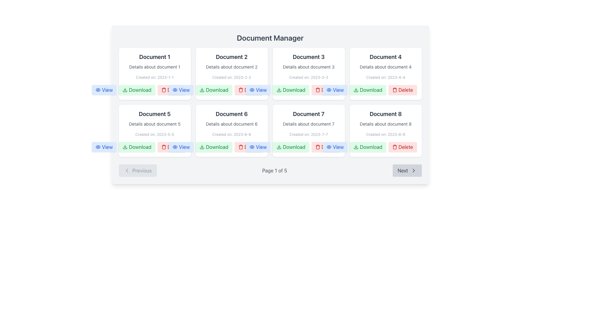 This screenshot has height=335, width=596. I want to click on the static text label that provides additional information about 'Document 5', located in the left-middle portion of the grid layout, specifically in the third column, beneath the title 'Document 5', so click(155, 124).